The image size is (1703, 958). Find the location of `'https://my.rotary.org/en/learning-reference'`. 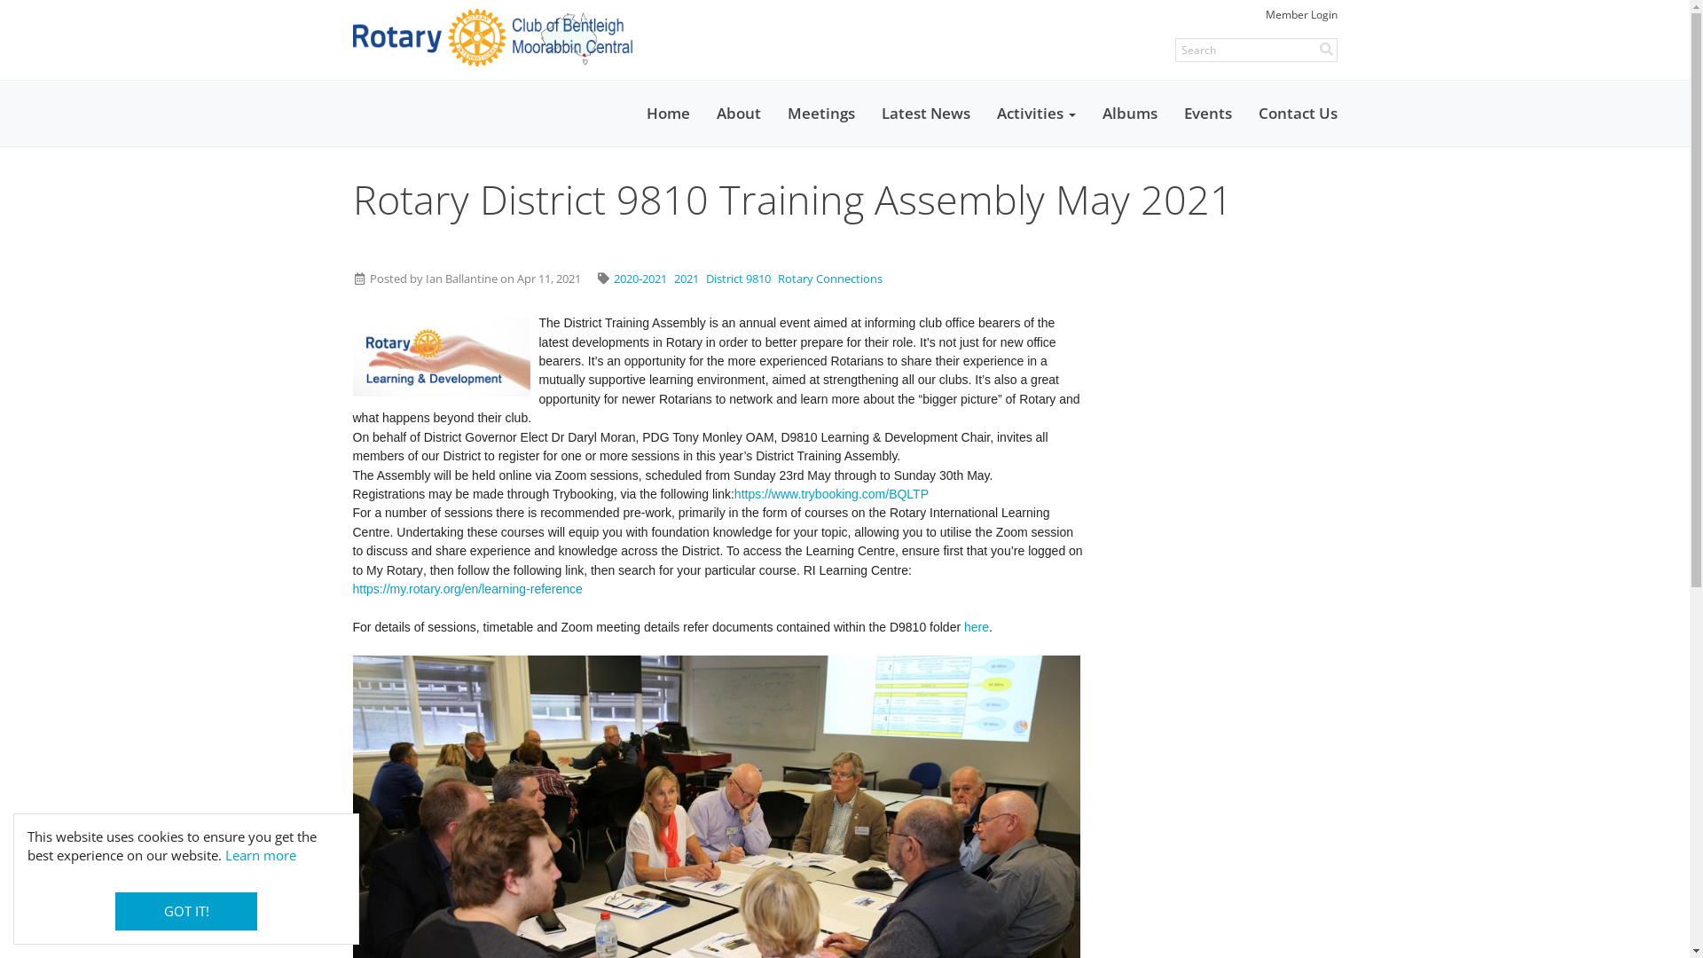

'https://my.rotary.org/en/learning-reference' is located at coordinates (353, 588).